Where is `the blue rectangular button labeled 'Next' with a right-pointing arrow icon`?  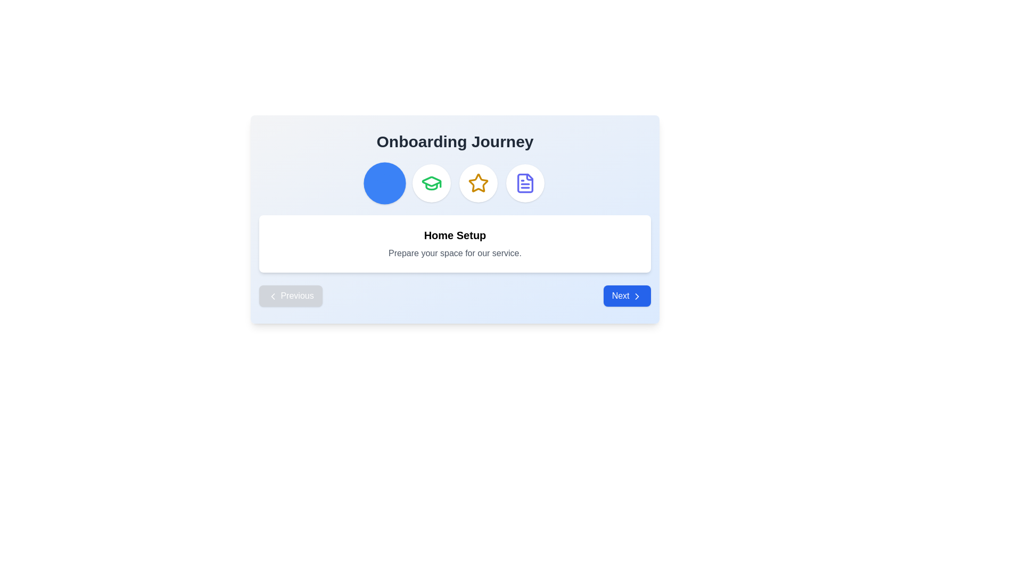
the blue rectangular button labeled 'Next' with a right-pointing arrow icon is located at coordinates (627, 296).